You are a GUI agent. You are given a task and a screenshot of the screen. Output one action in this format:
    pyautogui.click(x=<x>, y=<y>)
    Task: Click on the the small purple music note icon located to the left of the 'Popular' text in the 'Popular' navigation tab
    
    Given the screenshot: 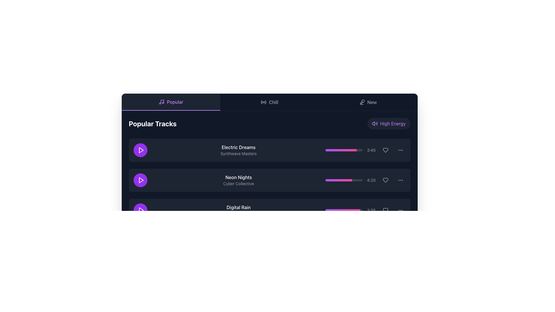 What is the action you would take?
    pyautogui.click(x=162, y=102)
    